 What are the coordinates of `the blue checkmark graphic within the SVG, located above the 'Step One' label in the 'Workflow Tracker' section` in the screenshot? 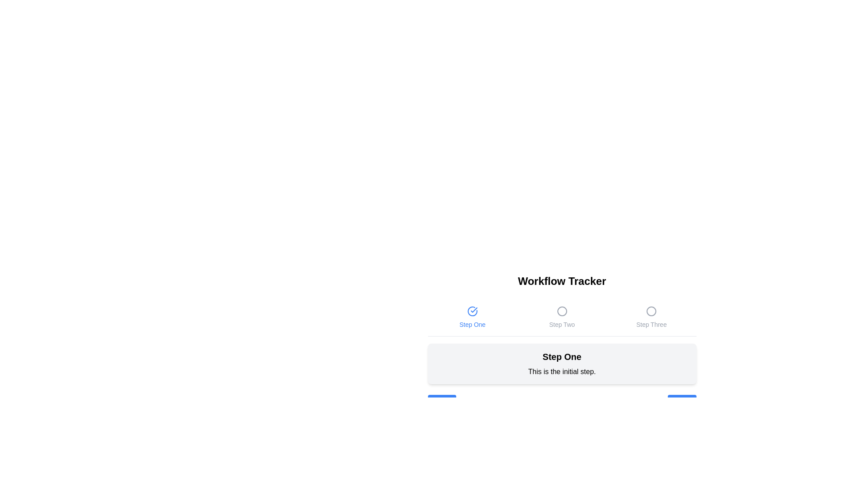 It's located at (473, 310).